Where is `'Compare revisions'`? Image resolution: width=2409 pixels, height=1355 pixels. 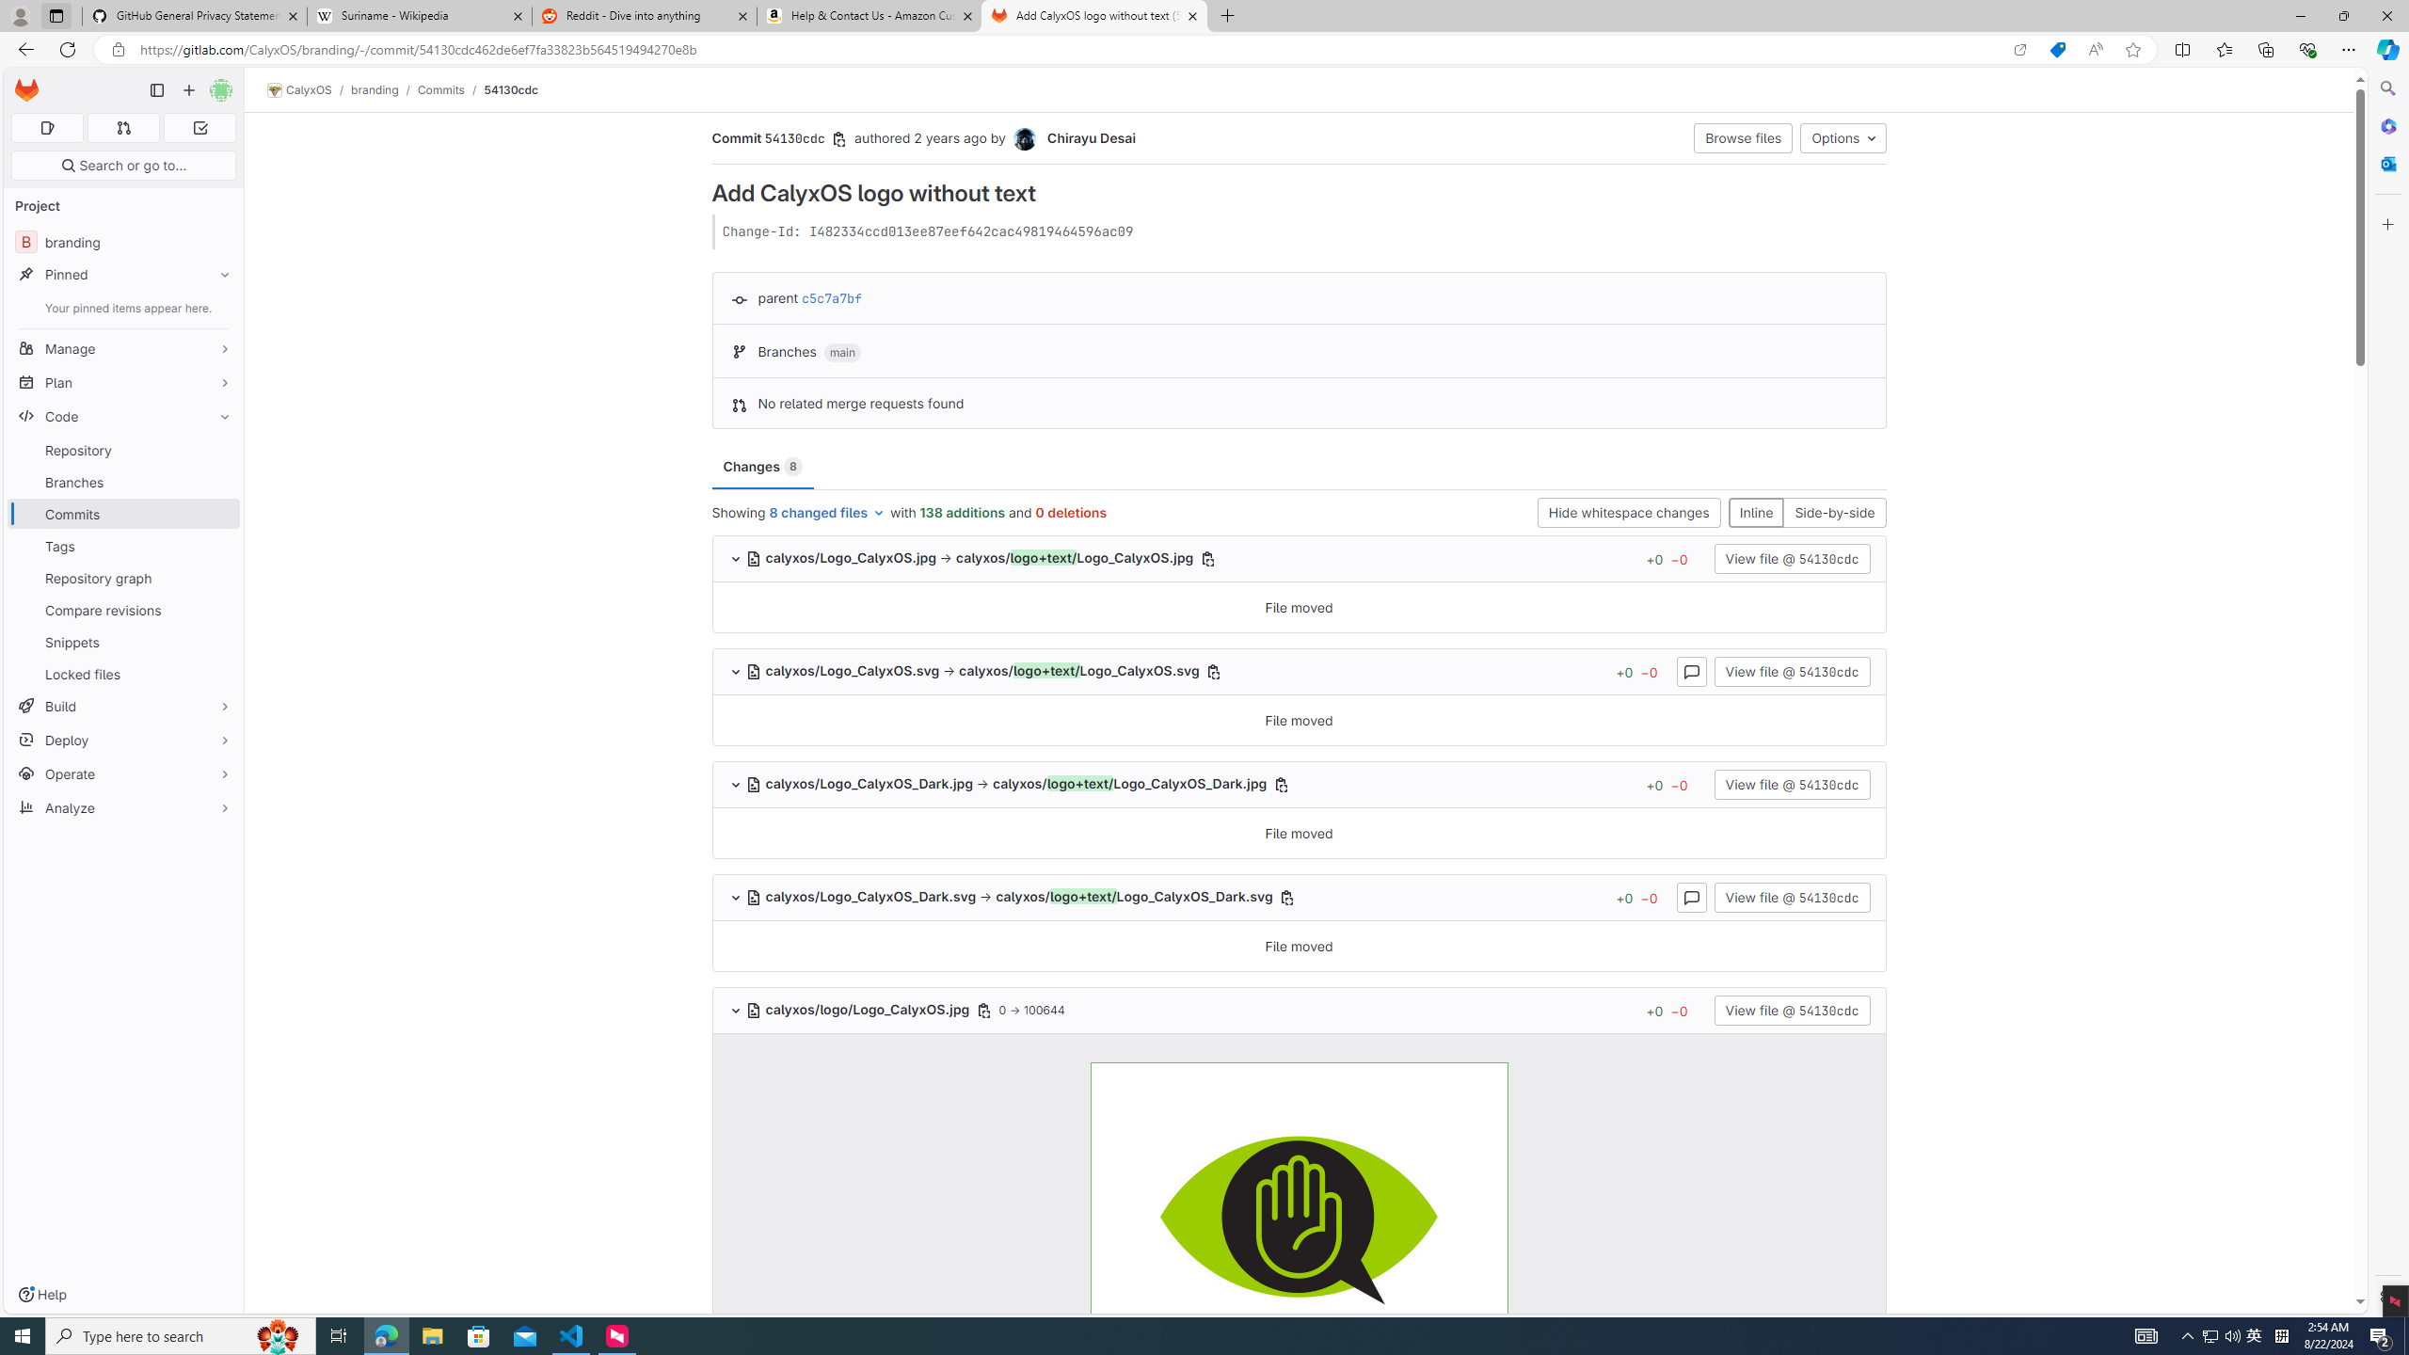 'Compare revisions' is located at coordinates (122, 609).